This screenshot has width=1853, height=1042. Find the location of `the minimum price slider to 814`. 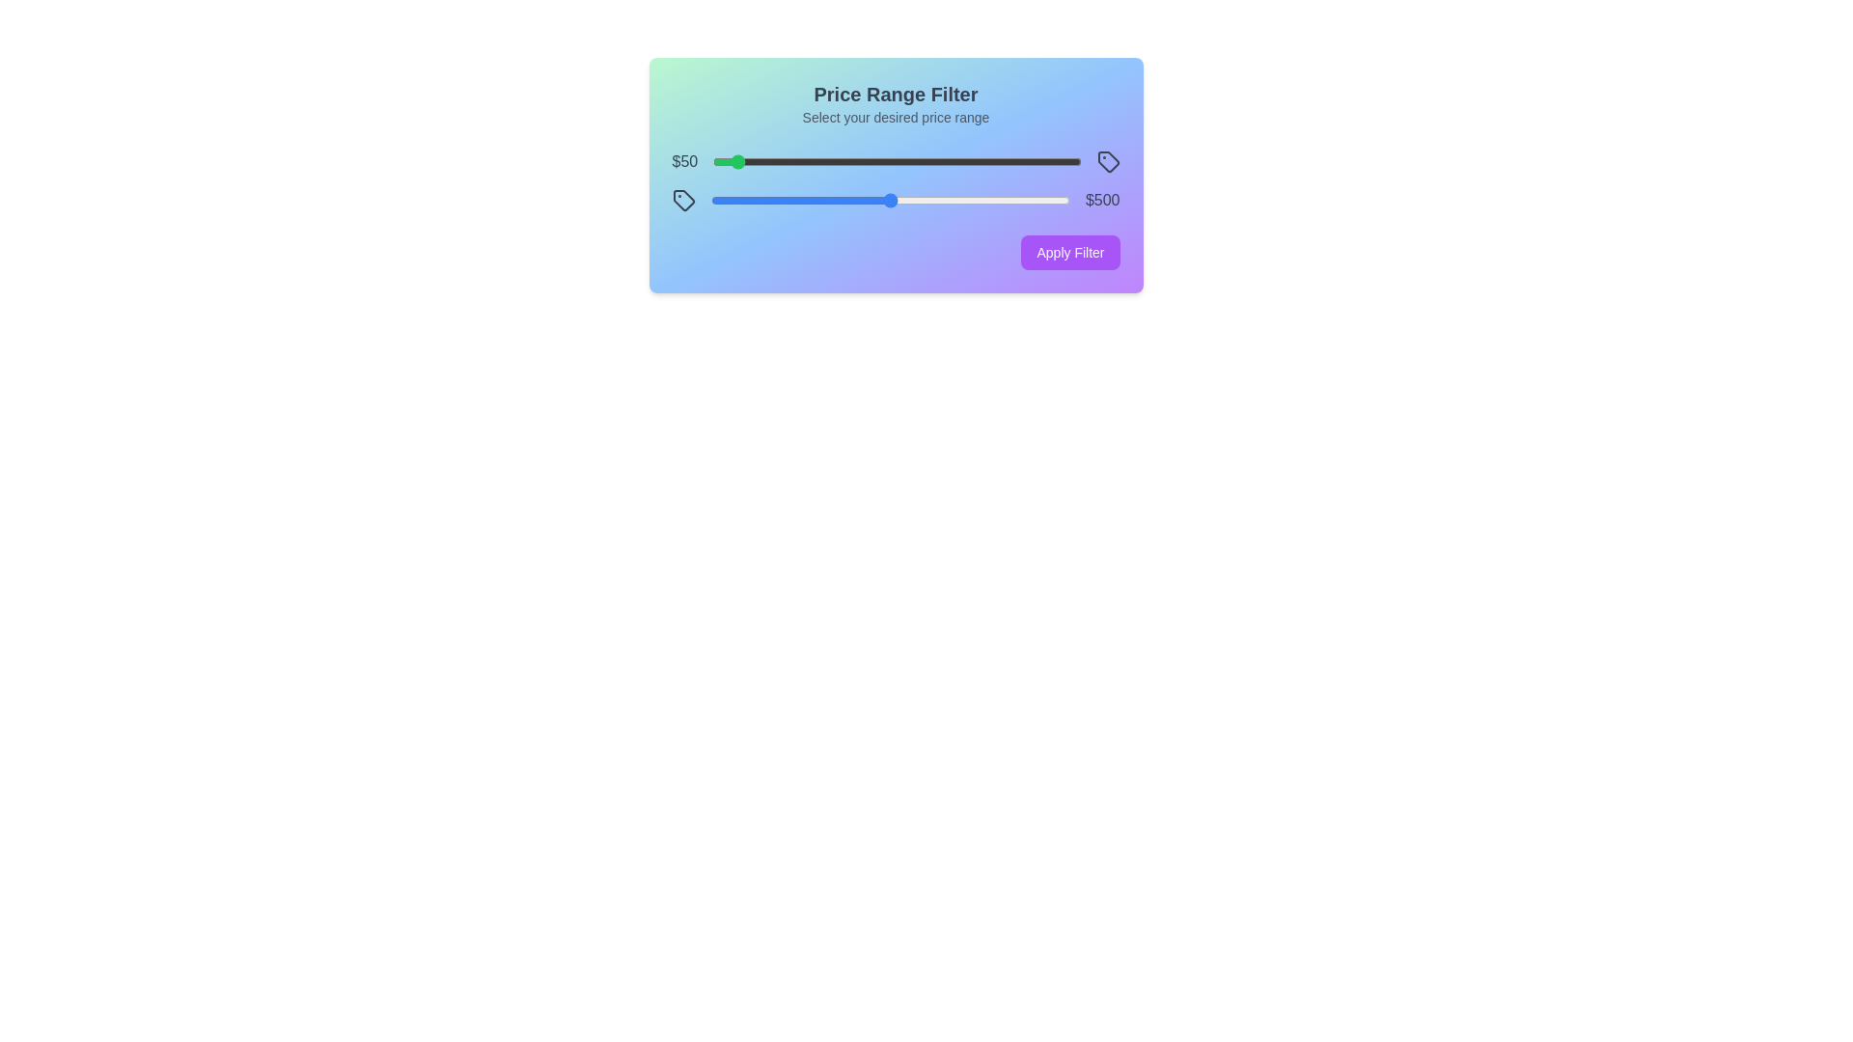

the minimum price slider to 814 is located at coordinates (1011, 161).